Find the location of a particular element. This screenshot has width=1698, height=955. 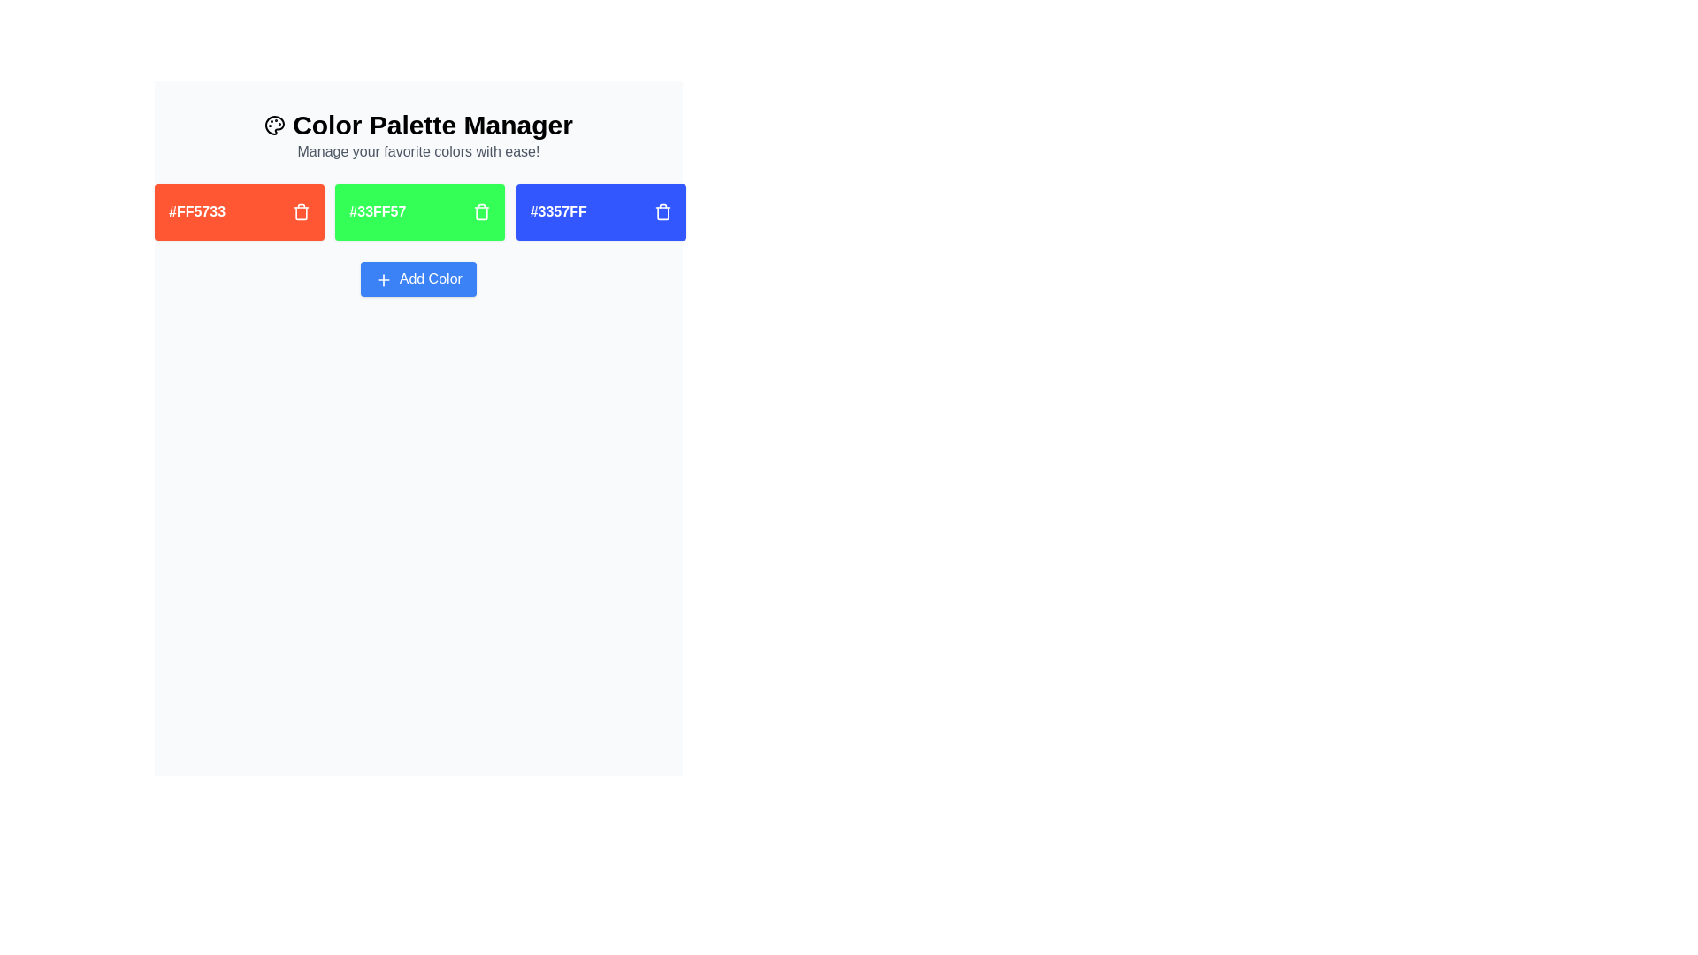

the text block that reads 'Manage your favorite colors with ease!', which is styled in light gray and located below the title 'Color Palette Manager' is located at coordinates (417, 151).